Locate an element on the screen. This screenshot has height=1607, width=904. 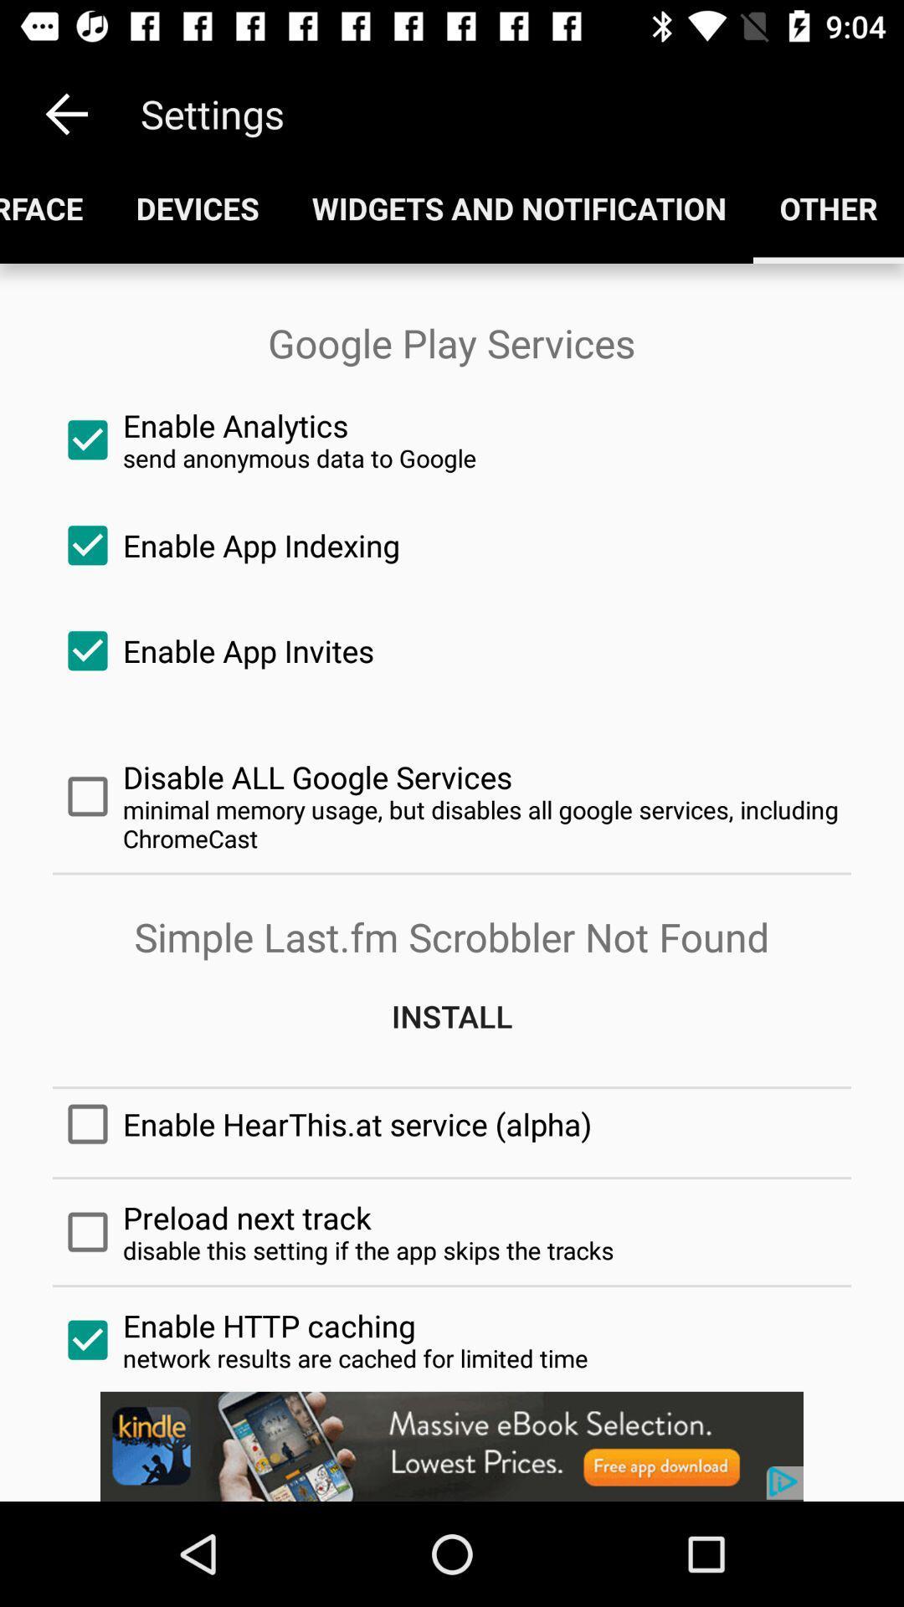
enable app invites text option is located at coordinates (452, 649).